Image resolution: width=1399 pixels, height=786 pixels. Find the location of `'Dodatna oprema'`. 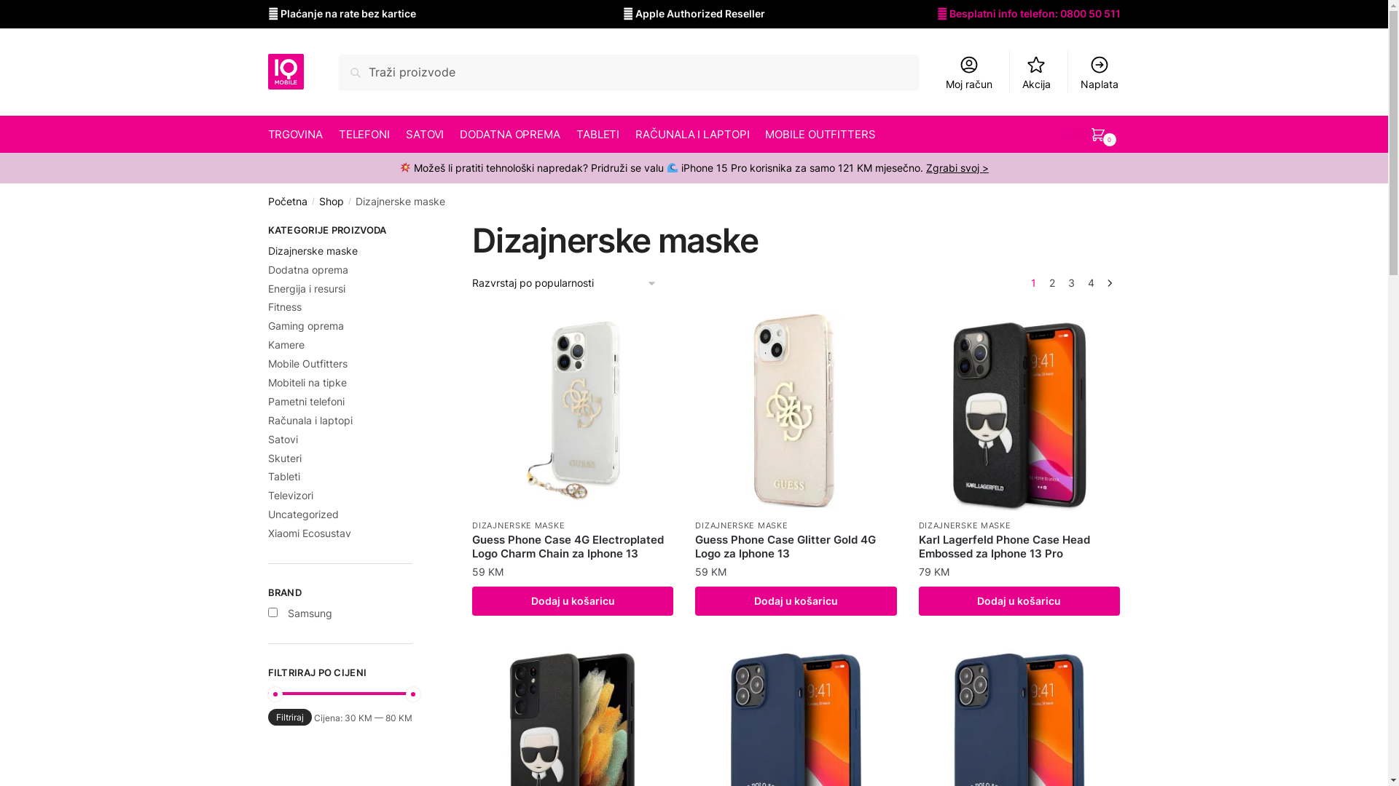

'Dodatna oprema' is located at coordinates (307, 269).